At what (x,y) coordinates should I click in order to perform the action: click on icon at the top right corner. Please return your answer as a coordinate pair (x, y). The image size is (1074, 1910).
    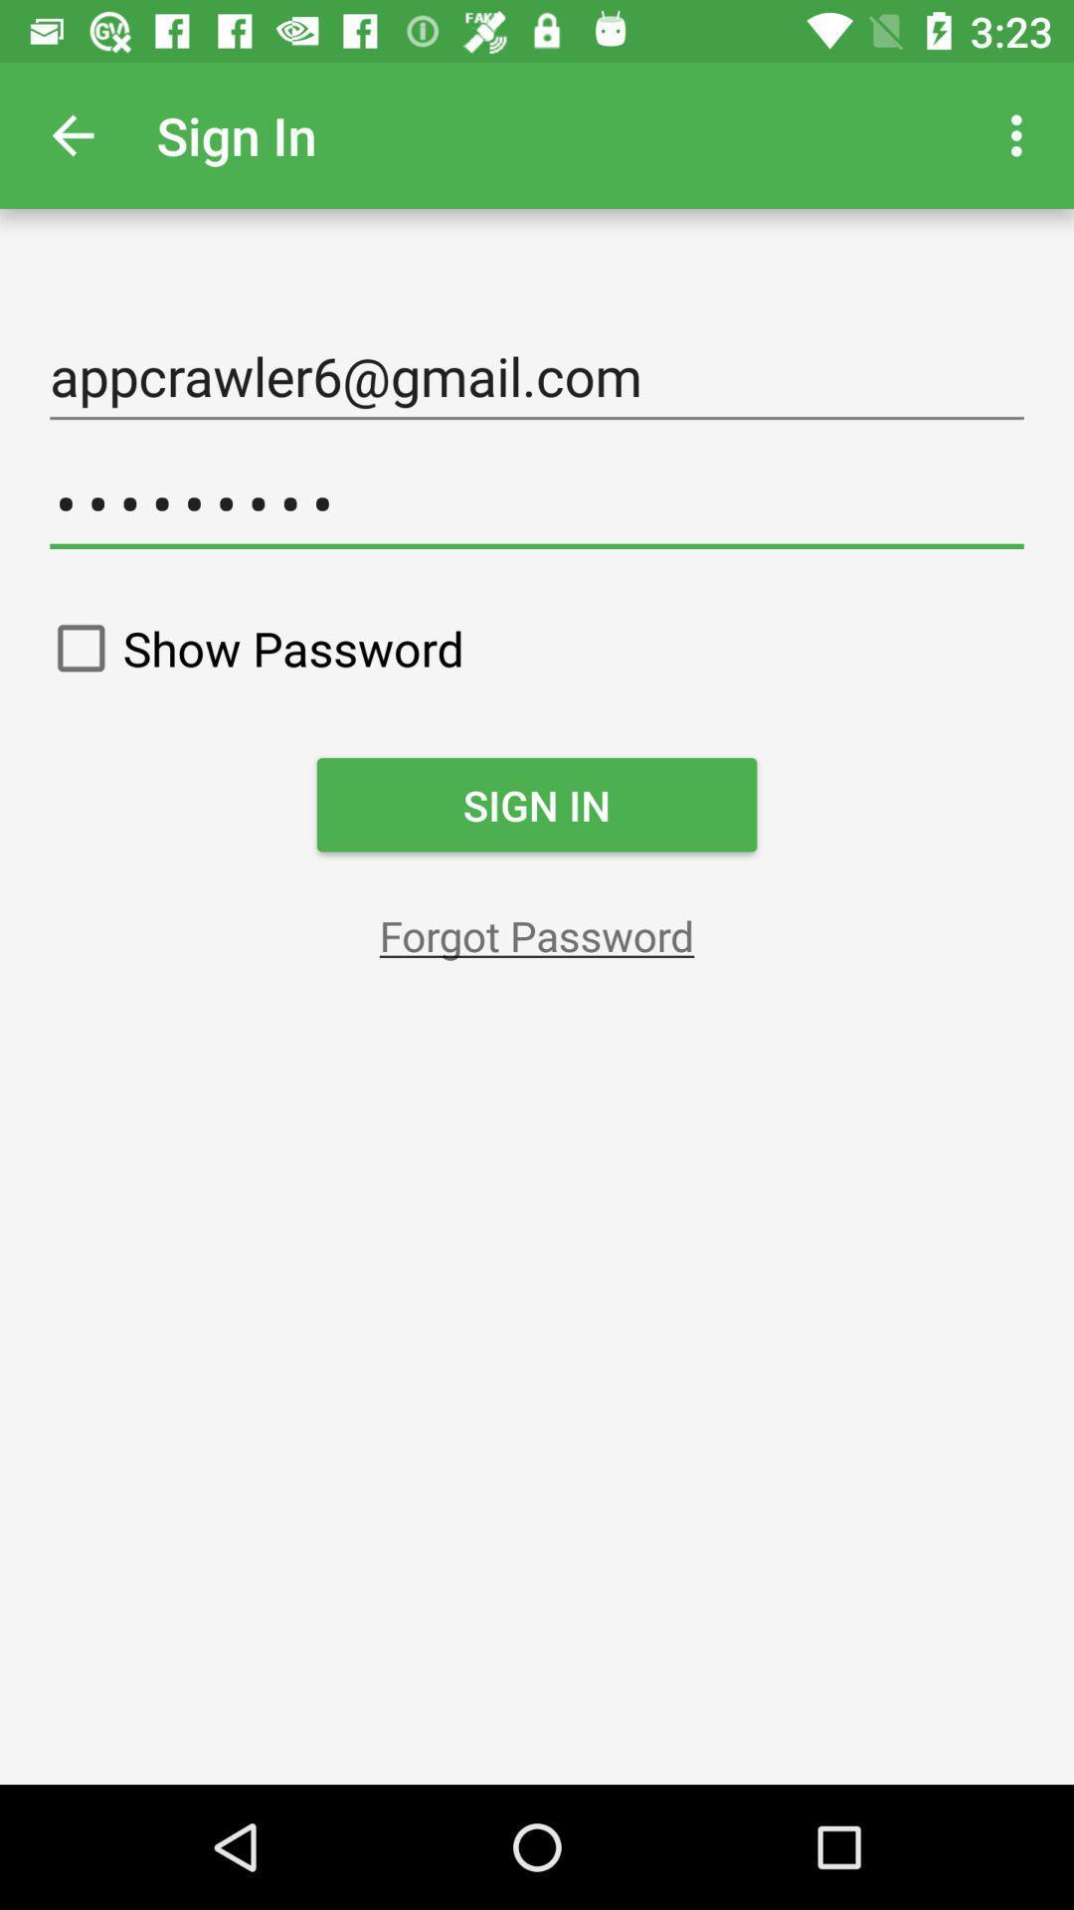
    Looking at the image, I should click on (1021, 134).